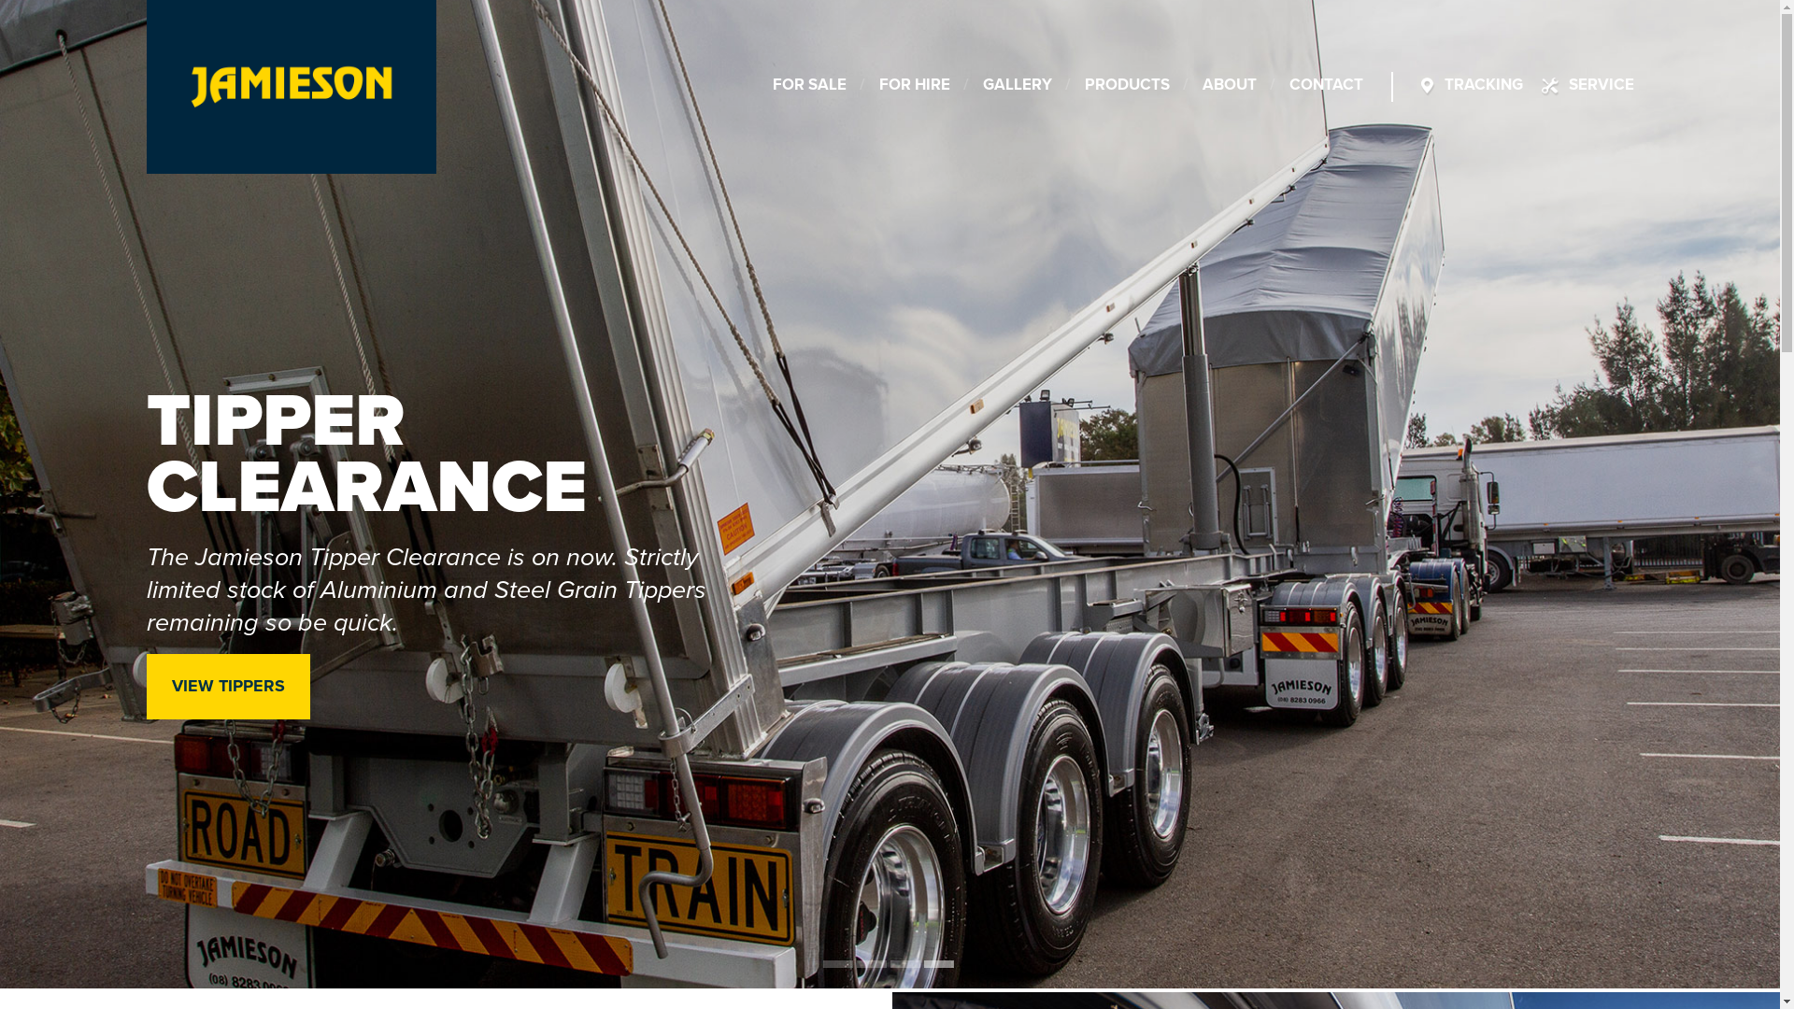 Image resolution: width=1794 pixels, height=1009 pixels. I want to click on 'PRODUCTS', so click(1126, 86).